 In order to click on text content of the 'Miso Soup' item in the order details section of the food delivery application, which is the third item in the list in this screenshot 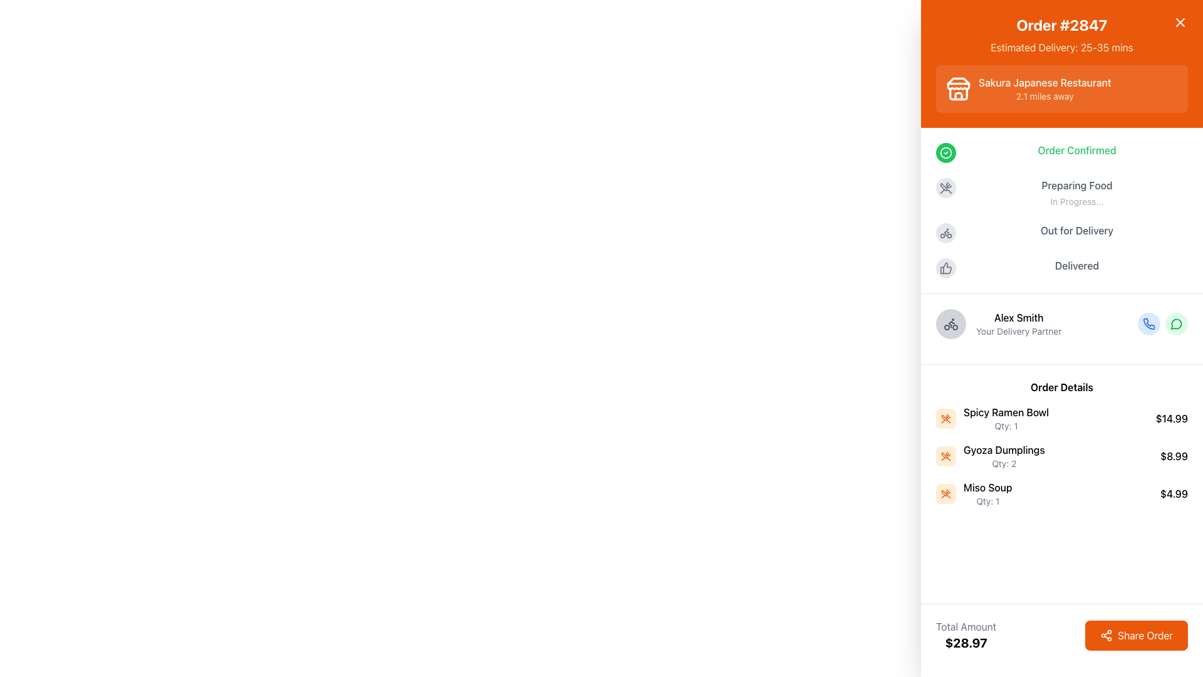, I will do `click(987, 493)`.